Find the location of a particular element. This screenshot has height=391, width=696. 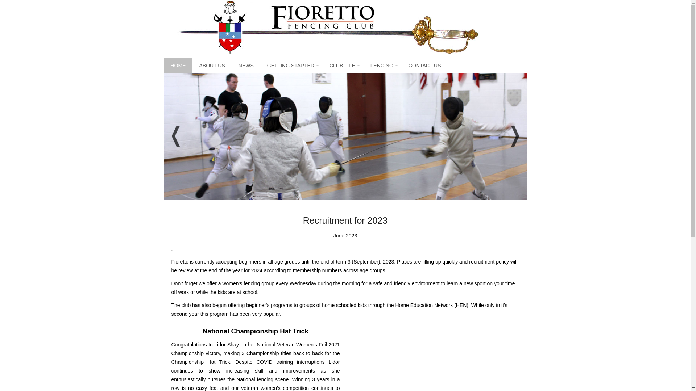

'ABOUT US' is located at coordinates (212, 66).